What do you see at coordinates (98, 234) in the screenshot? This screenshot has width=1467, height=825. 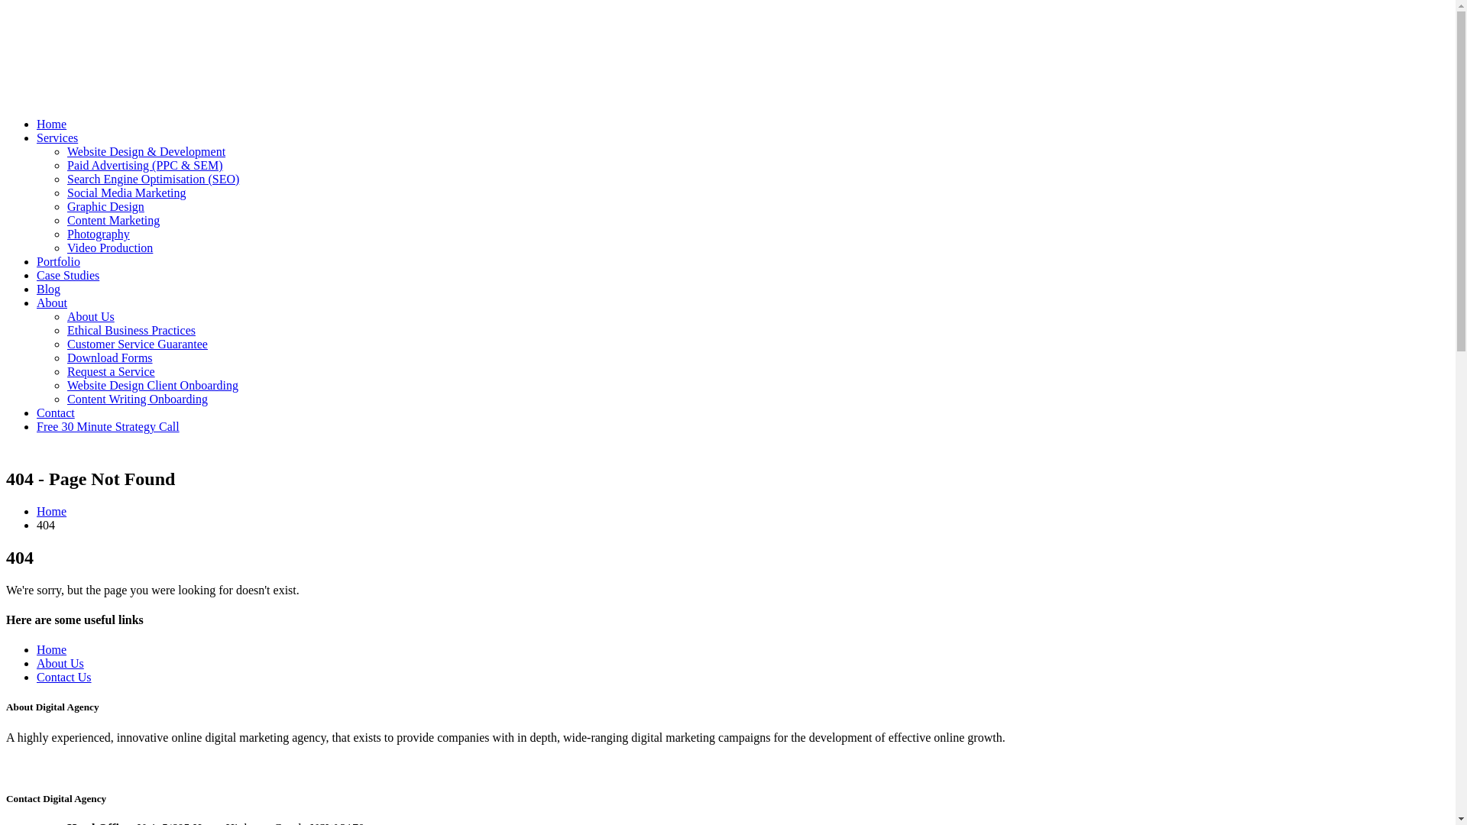 I see `'Photography'` at bounding box center [98, 234].